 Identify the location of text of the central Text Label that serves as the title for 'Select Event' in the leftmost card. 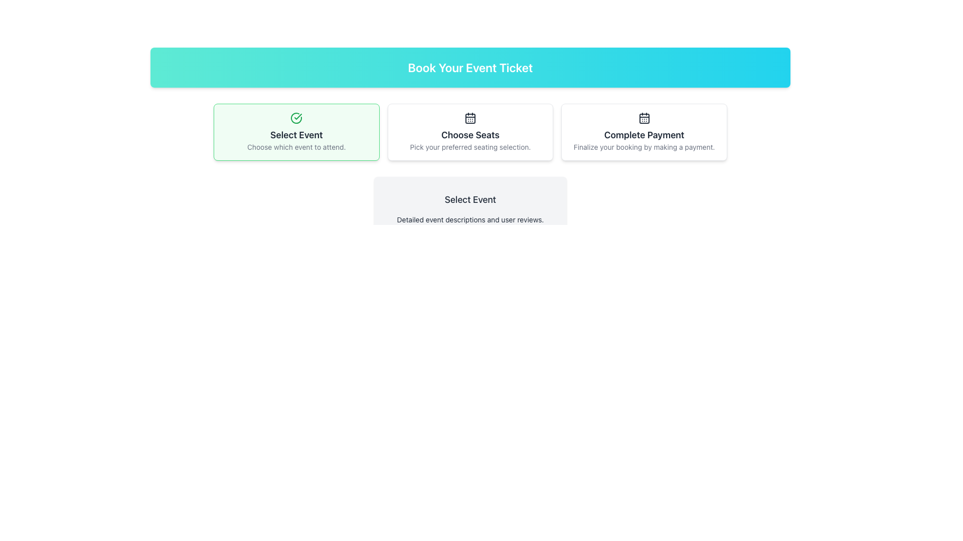
(296, 135).